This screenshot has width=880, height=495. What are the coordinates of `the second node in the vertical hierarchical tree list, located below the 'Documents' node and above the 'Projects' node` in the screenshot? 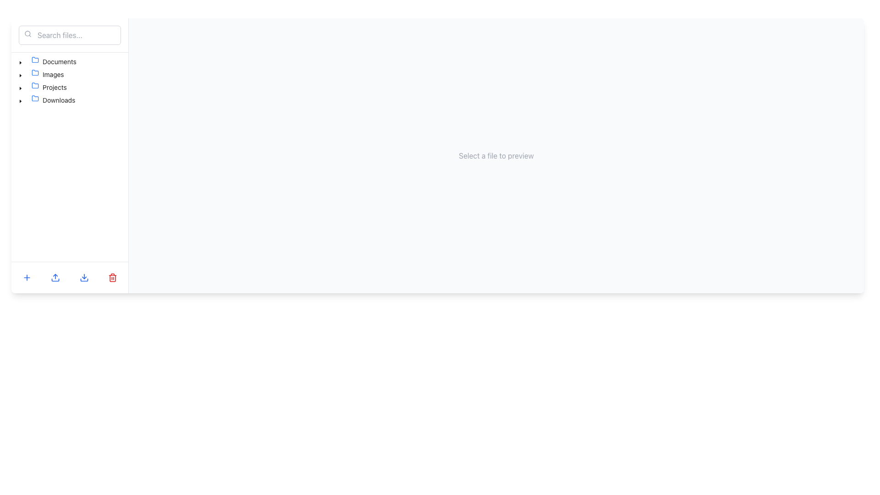 It's located at (41, 74).